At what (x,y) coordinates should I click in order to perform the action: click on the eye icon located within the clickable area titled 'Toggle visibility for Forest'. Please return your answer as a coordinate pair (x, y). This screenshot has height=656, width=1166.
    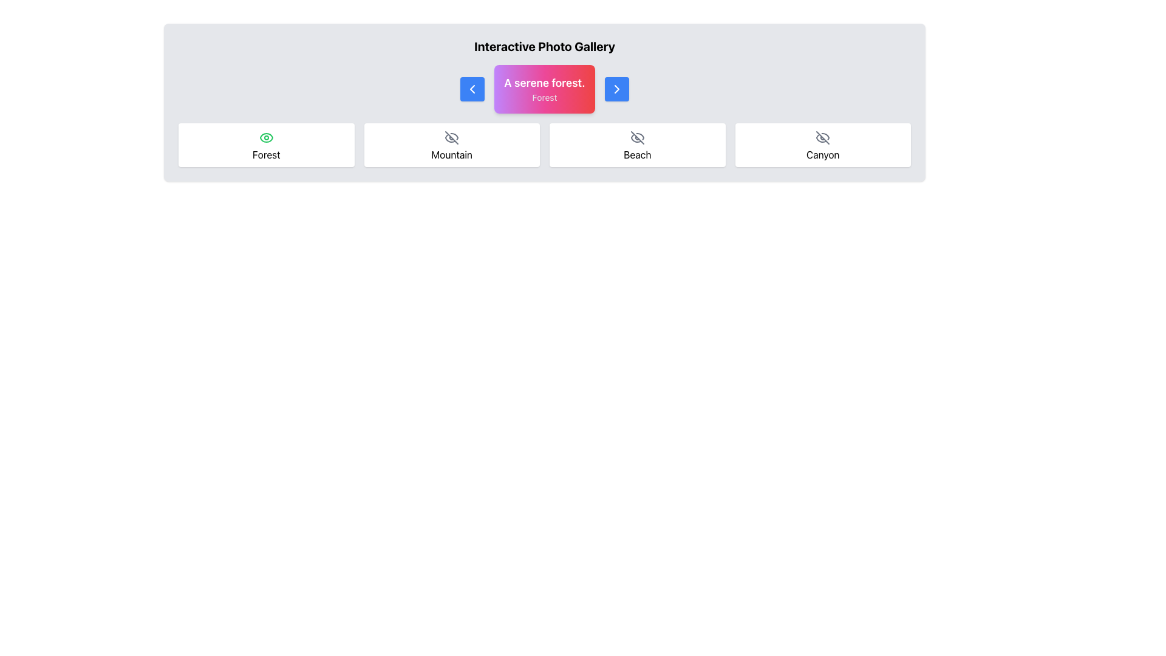
    Looking at the image, I should click on (265, 137).